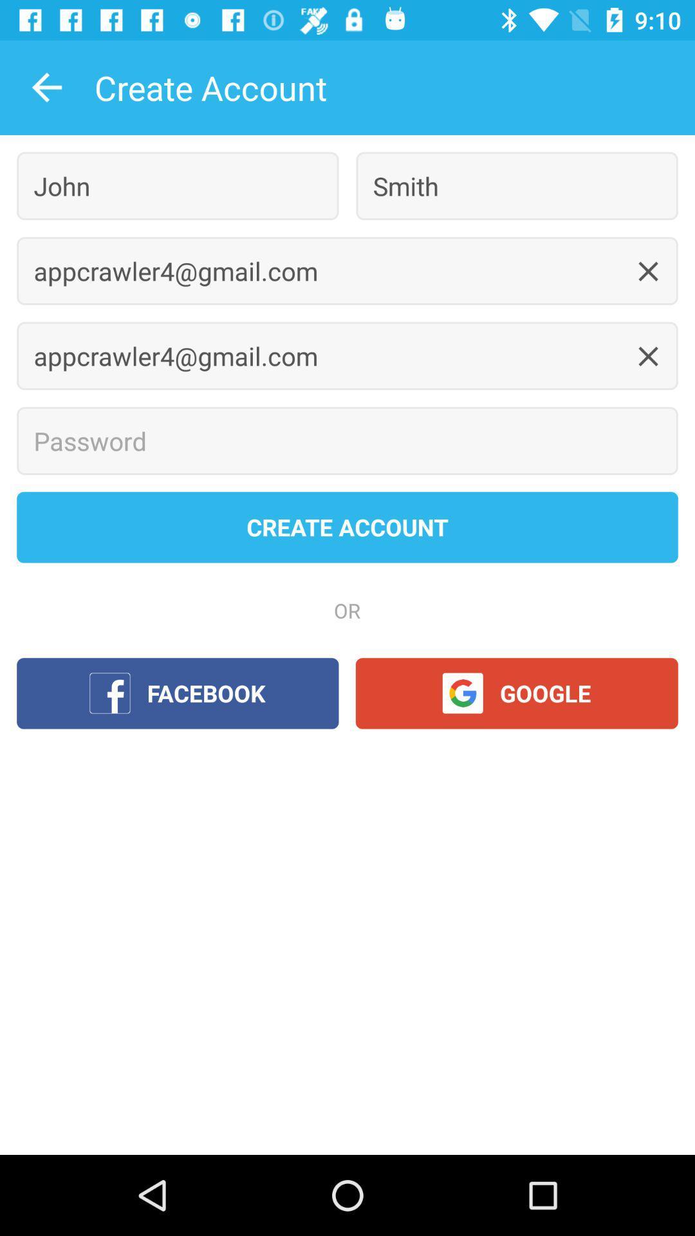 This screenshot has height=1236, width=695. What do you see at coordinates (178, 185) in the screenshot?
I see `the item to the left of smith` at bounding box center [178, 185].